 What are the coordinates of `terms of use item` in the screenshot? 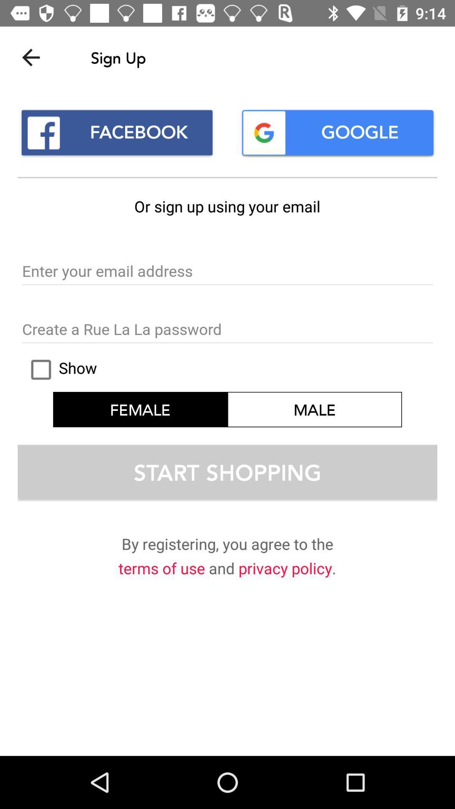 It's located at (162, 570).